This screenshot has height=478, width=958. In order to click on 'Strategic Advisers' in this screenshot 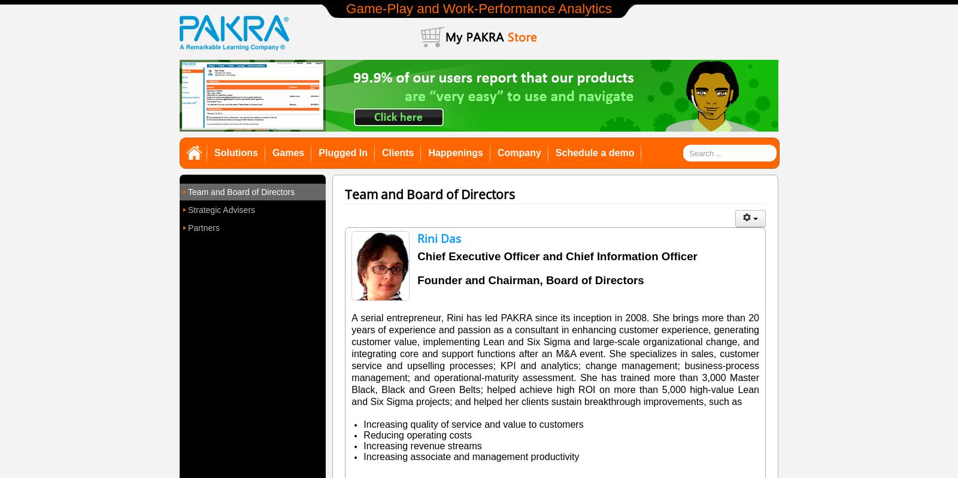, I will do `click(188, 209)`.